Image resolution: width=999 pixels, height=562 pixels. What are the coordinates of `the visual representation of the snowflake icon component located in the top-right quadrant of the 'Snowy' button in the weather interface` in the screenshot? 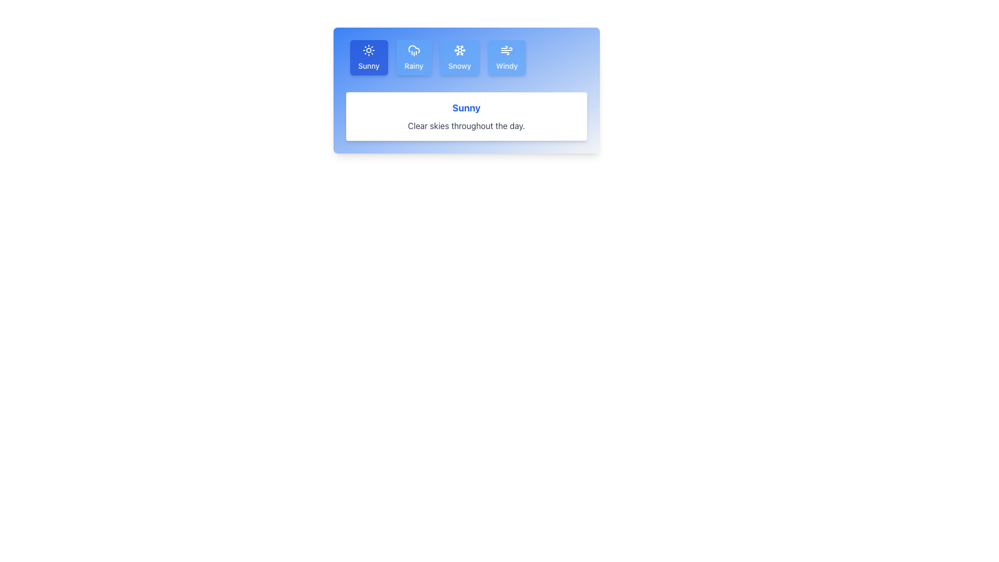 It's located at (461, 48).